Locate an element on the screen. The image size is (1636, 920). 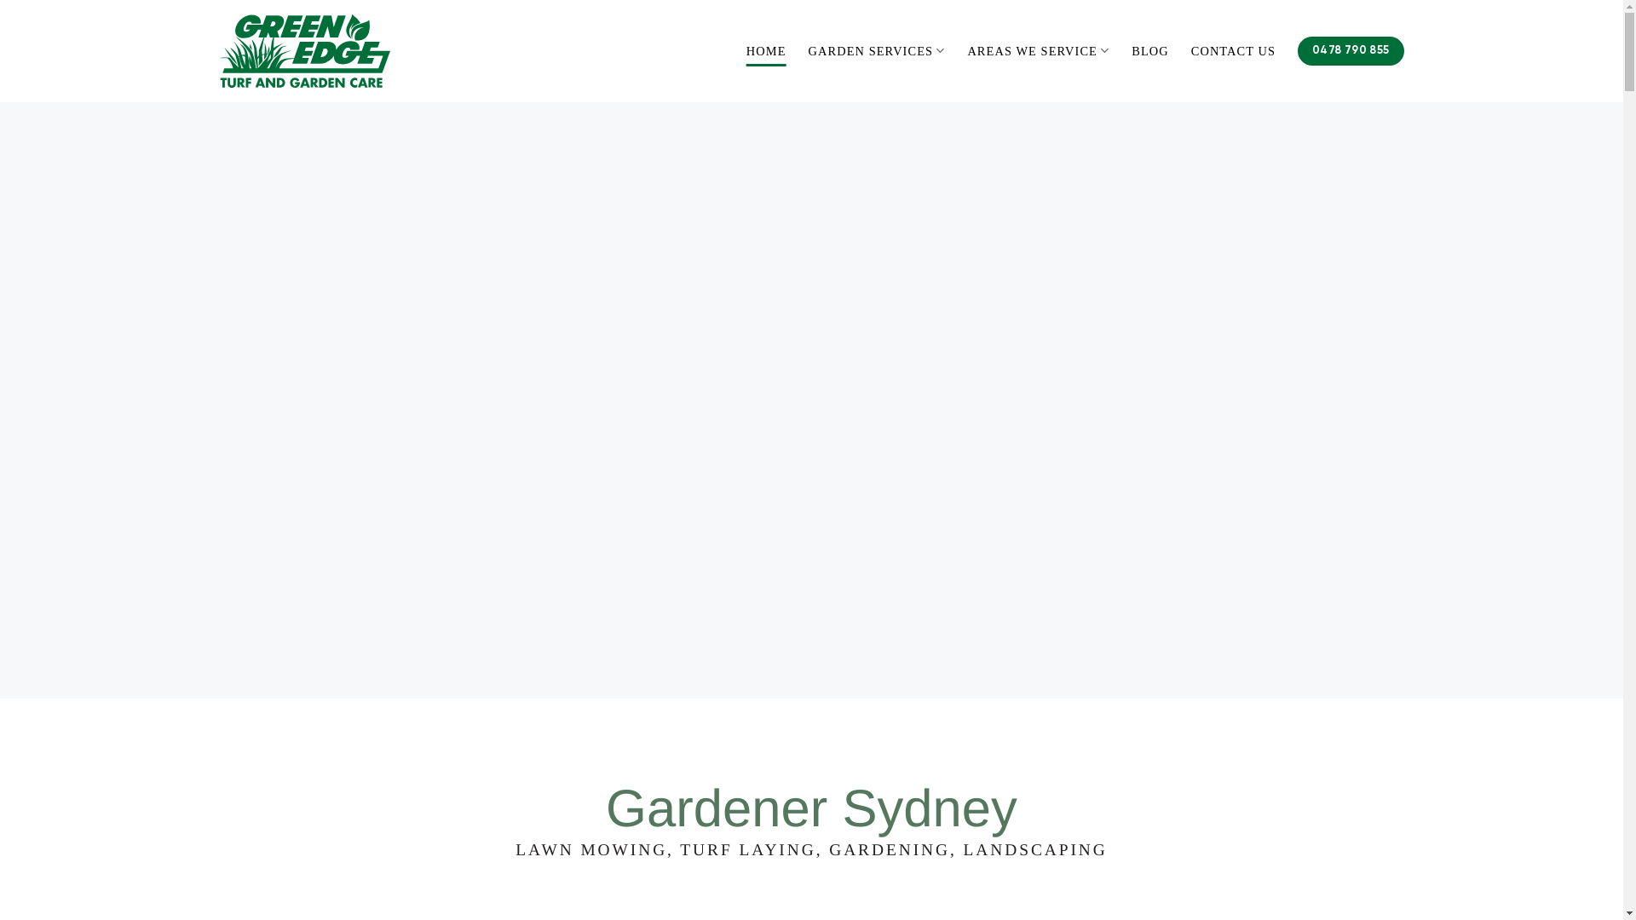
'GARDEN SERVICES' is located at coordinates (877, 49).